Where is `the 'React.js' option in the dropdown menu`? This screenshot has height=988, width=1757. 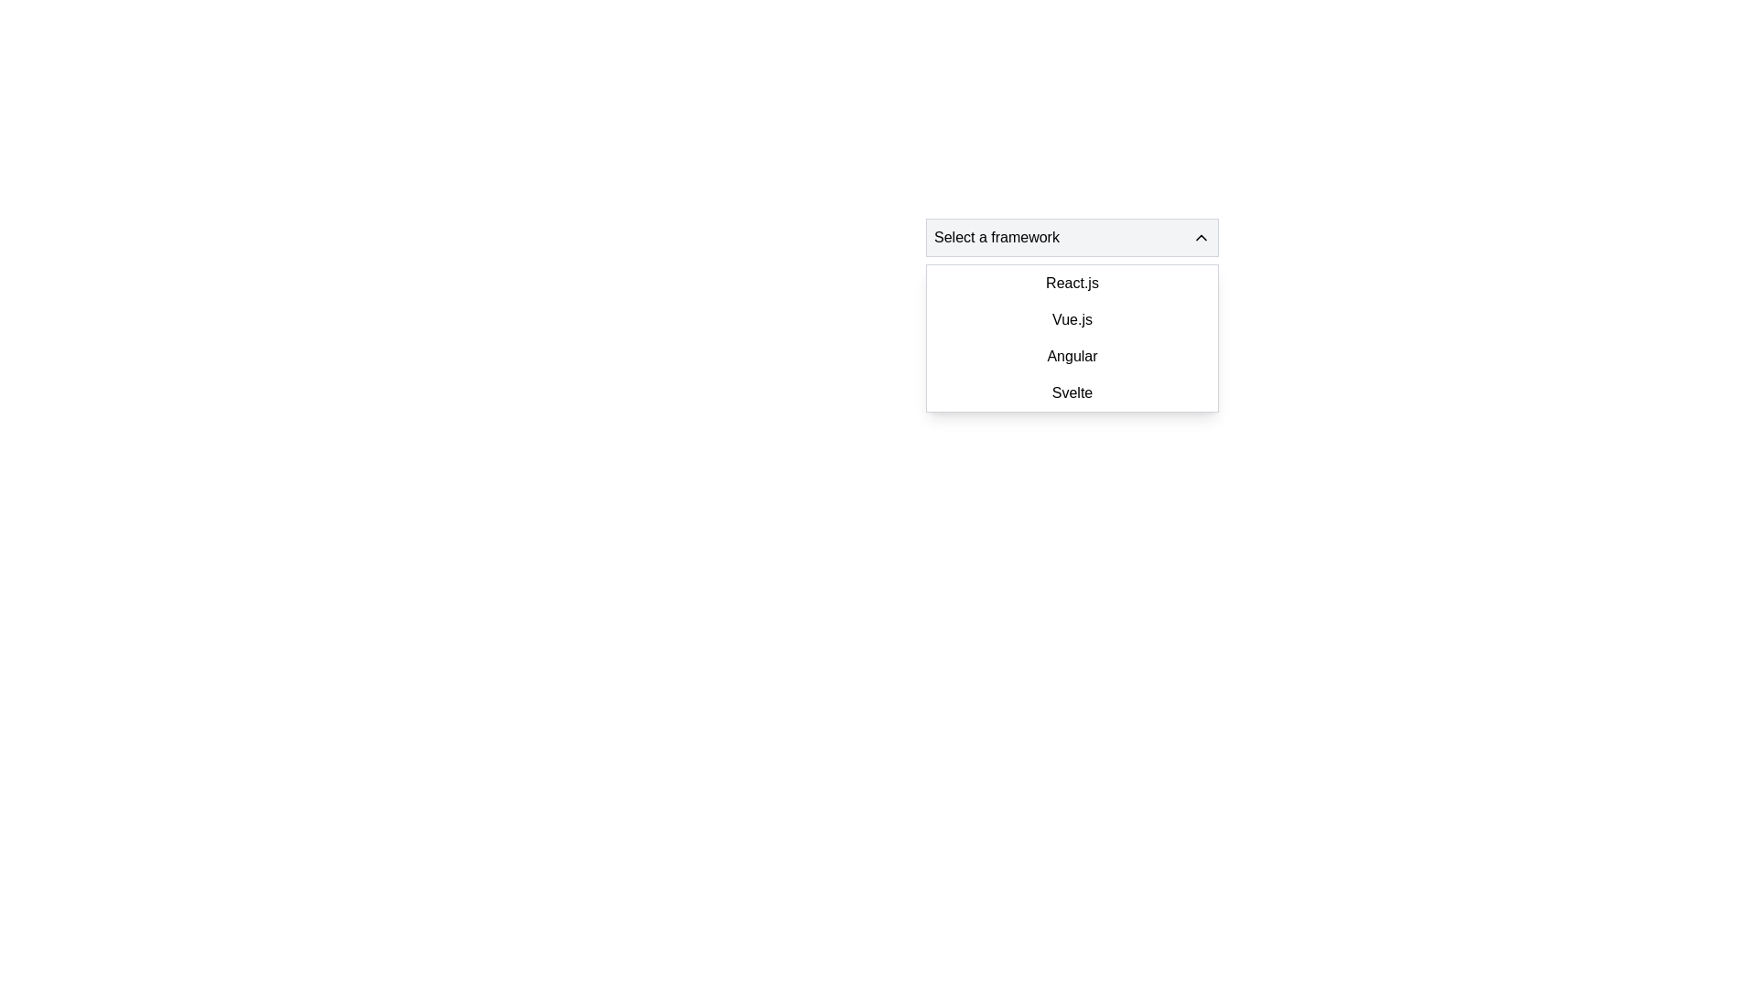
the 'React.js' option in the dropdown menu is located at coordinates (1072, 283).